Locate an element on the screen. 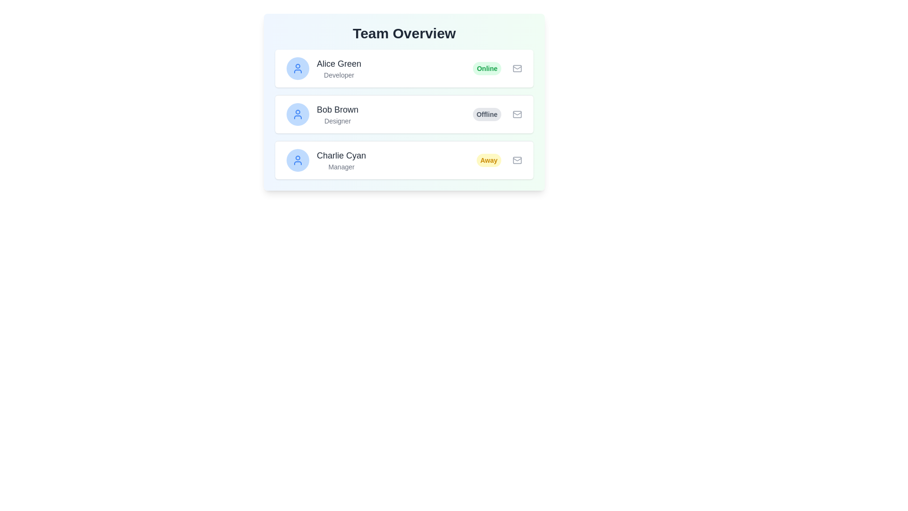 The width and height of the screenshot is (908, 511). the user's name text label located at the top of the first highlighted profile card under the 'Team Overview' heading is located at coordinates (339, 64).